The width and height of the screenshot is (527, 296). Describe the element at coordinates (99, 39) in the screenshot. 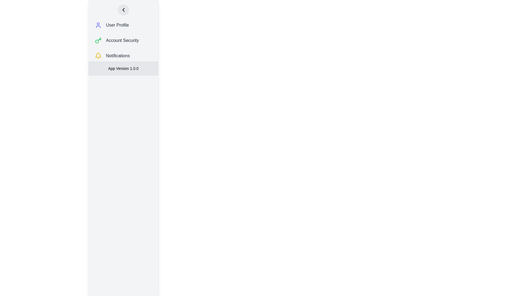

I see `the decorative graphical element representing the shaft of the key icon located at the bottom right corner of the key components` at that location.